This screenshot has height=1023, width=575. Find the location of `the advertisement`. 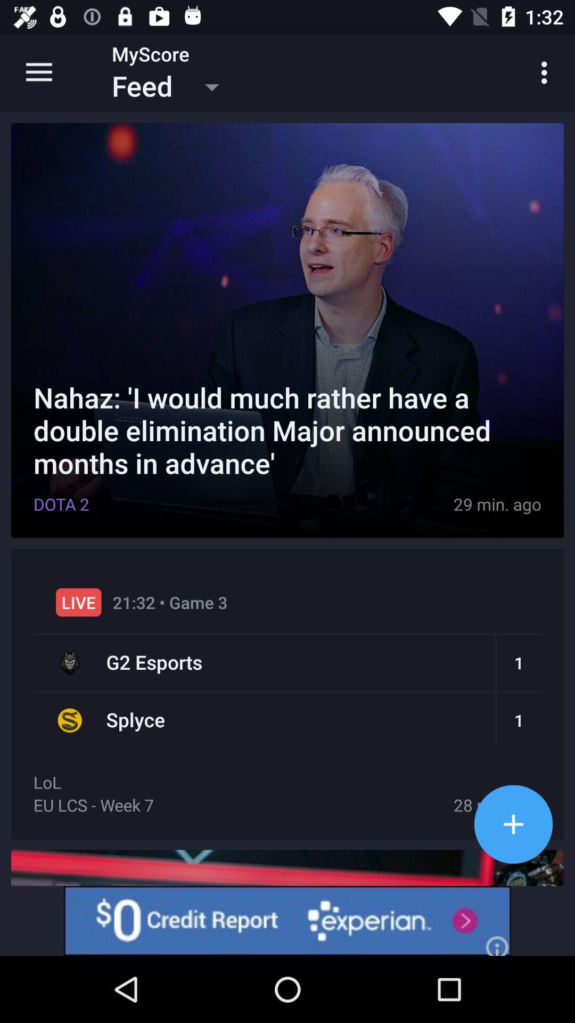

the advertisement is located at coordinates (287, 920).